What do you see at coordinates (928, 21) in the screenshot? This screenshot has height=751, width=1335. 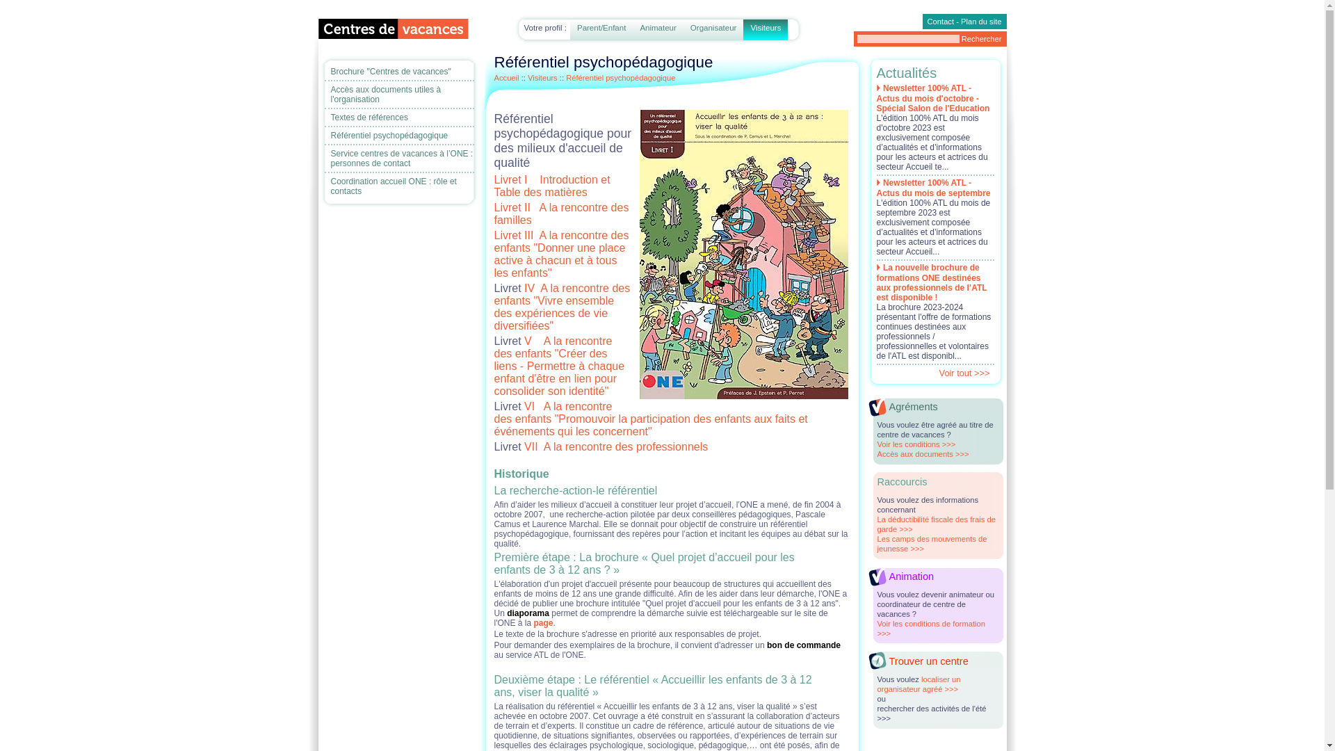 I see `'Contact'` at bounding box center [928, 21].